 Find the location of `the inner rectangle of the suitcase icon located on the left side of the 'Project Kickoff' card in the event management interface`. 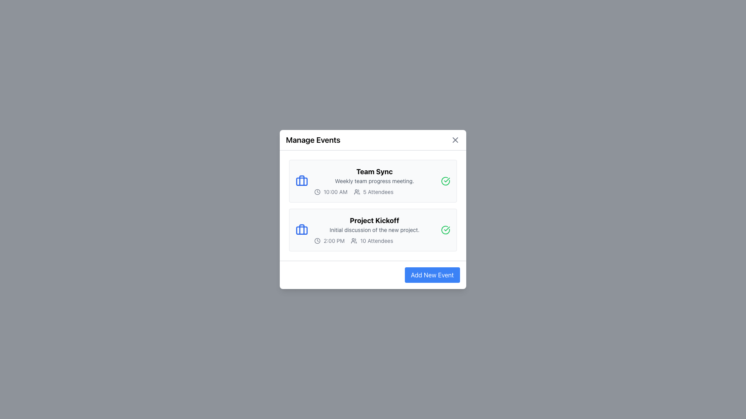

the inner rectangle of the suitcase icon located on the left side of the 'Project Kickoff' card in the event management interface is located at coordinates (302, 230).